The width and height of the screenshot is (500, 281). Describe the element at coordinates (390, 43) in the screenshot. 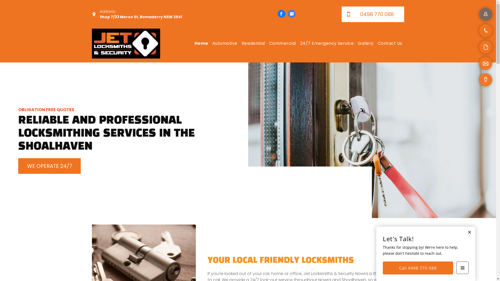

I see `'Contact Us'` at that location.